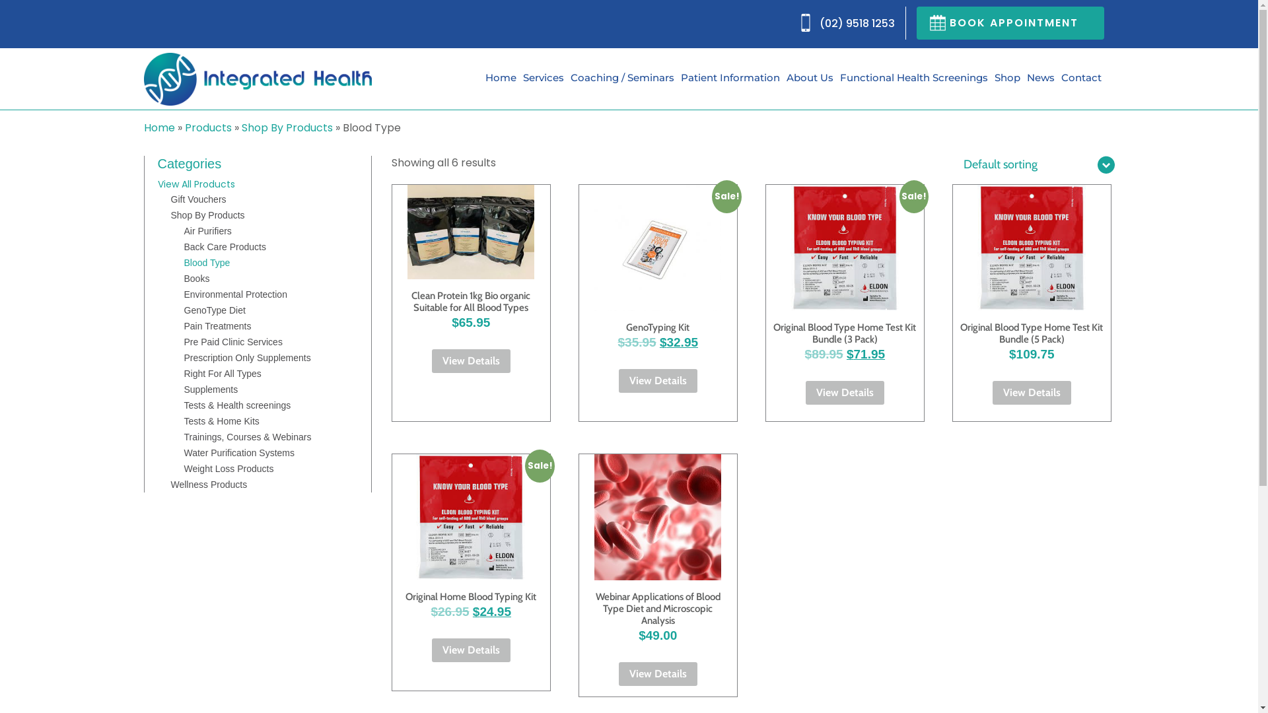  I want to click on 'Air Purifiers', so click(206, 230).